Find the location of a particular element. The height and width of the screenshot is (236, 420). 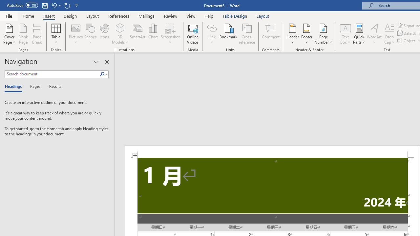

'Chart...' is located at coordinates (153, 34).